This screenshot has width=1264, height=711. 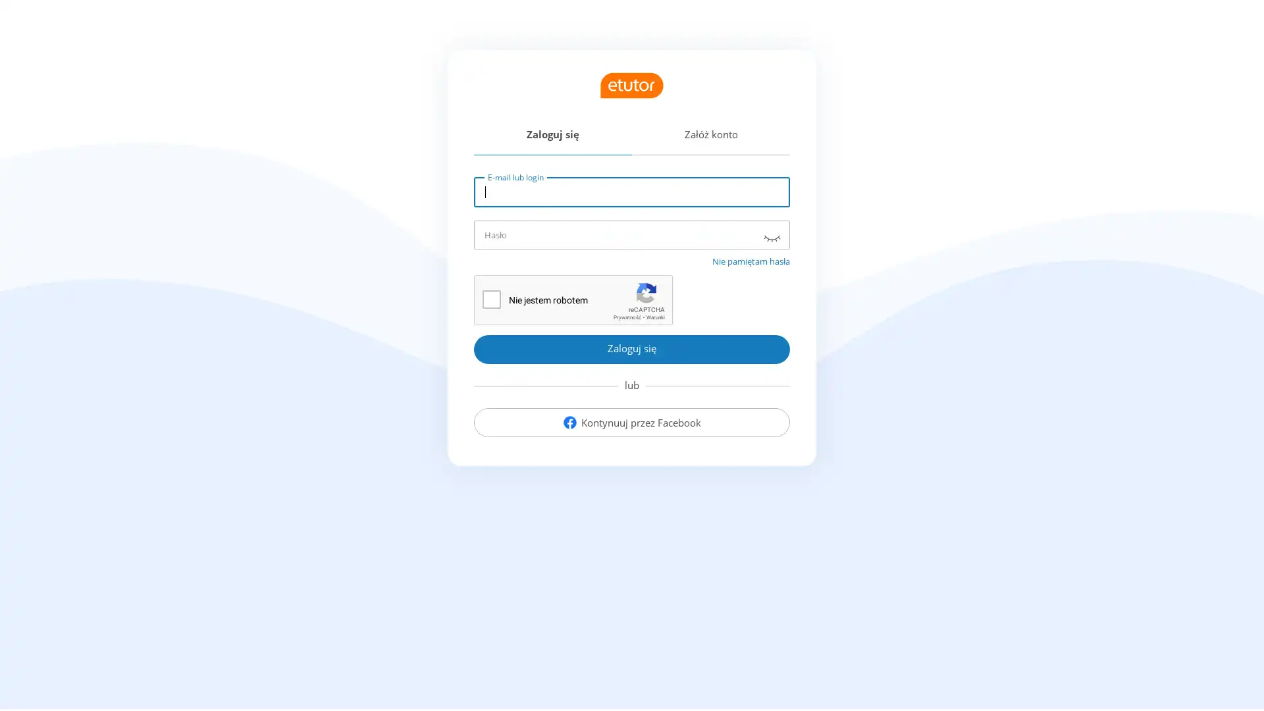 I want to click on Zaloguj sie, so click(x=632, y=348).